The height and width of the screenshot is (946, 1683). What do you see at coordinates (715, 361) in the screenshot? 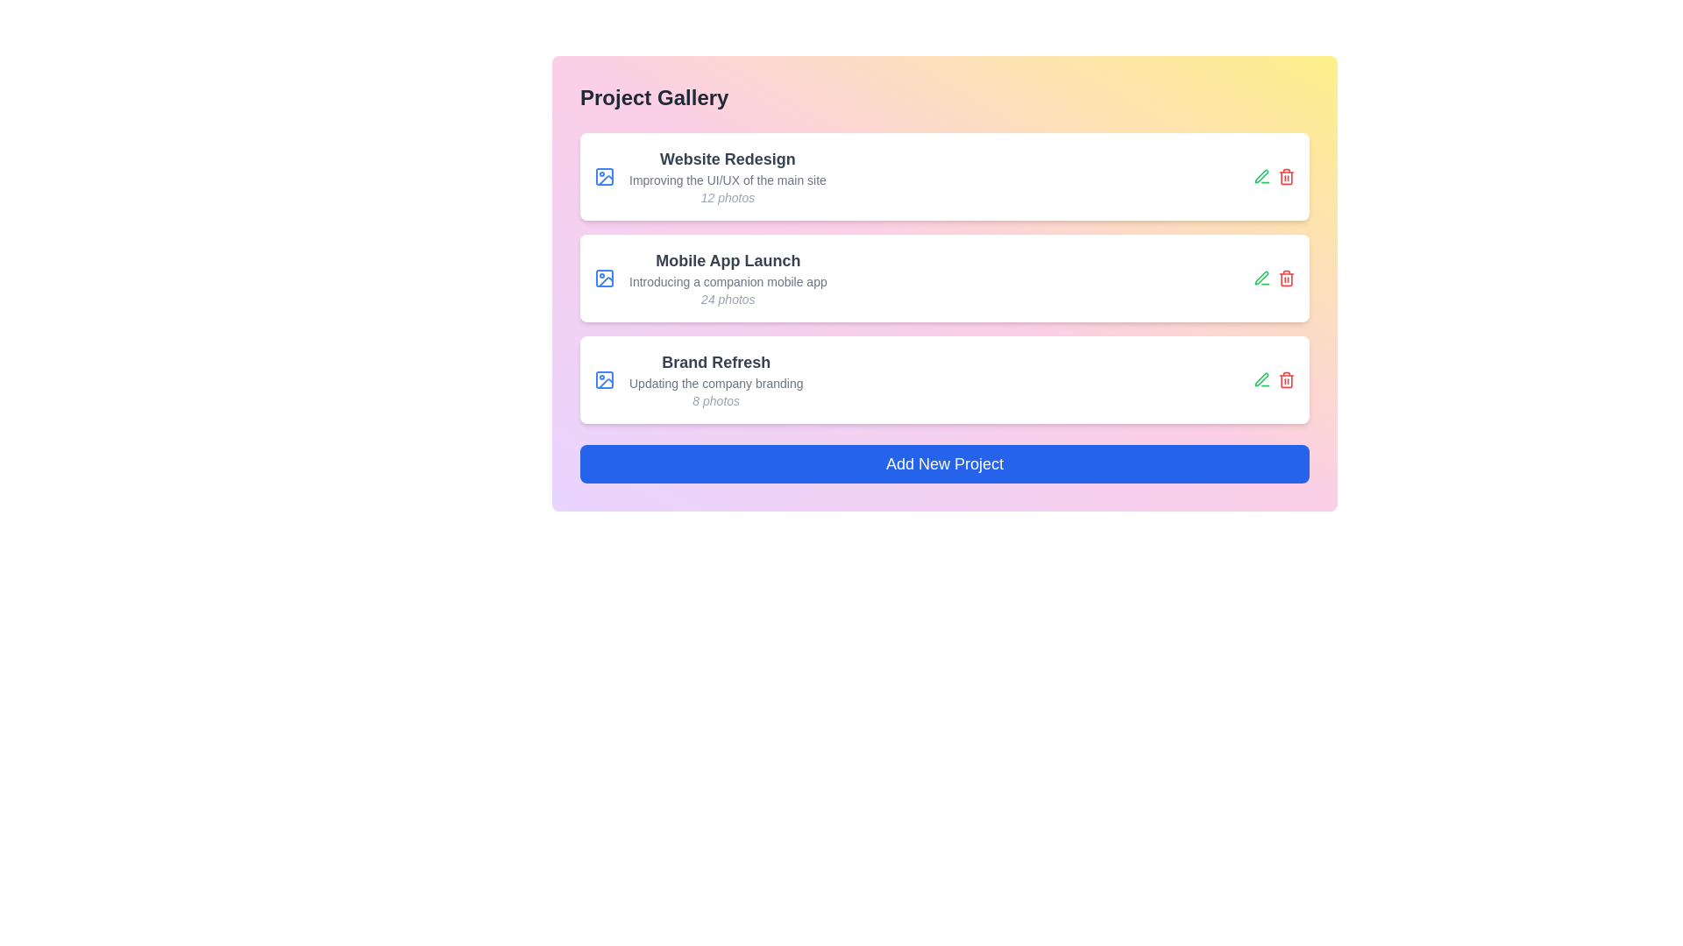
I see `the project with title Brand Refresh` at bounding box center [715, 361].